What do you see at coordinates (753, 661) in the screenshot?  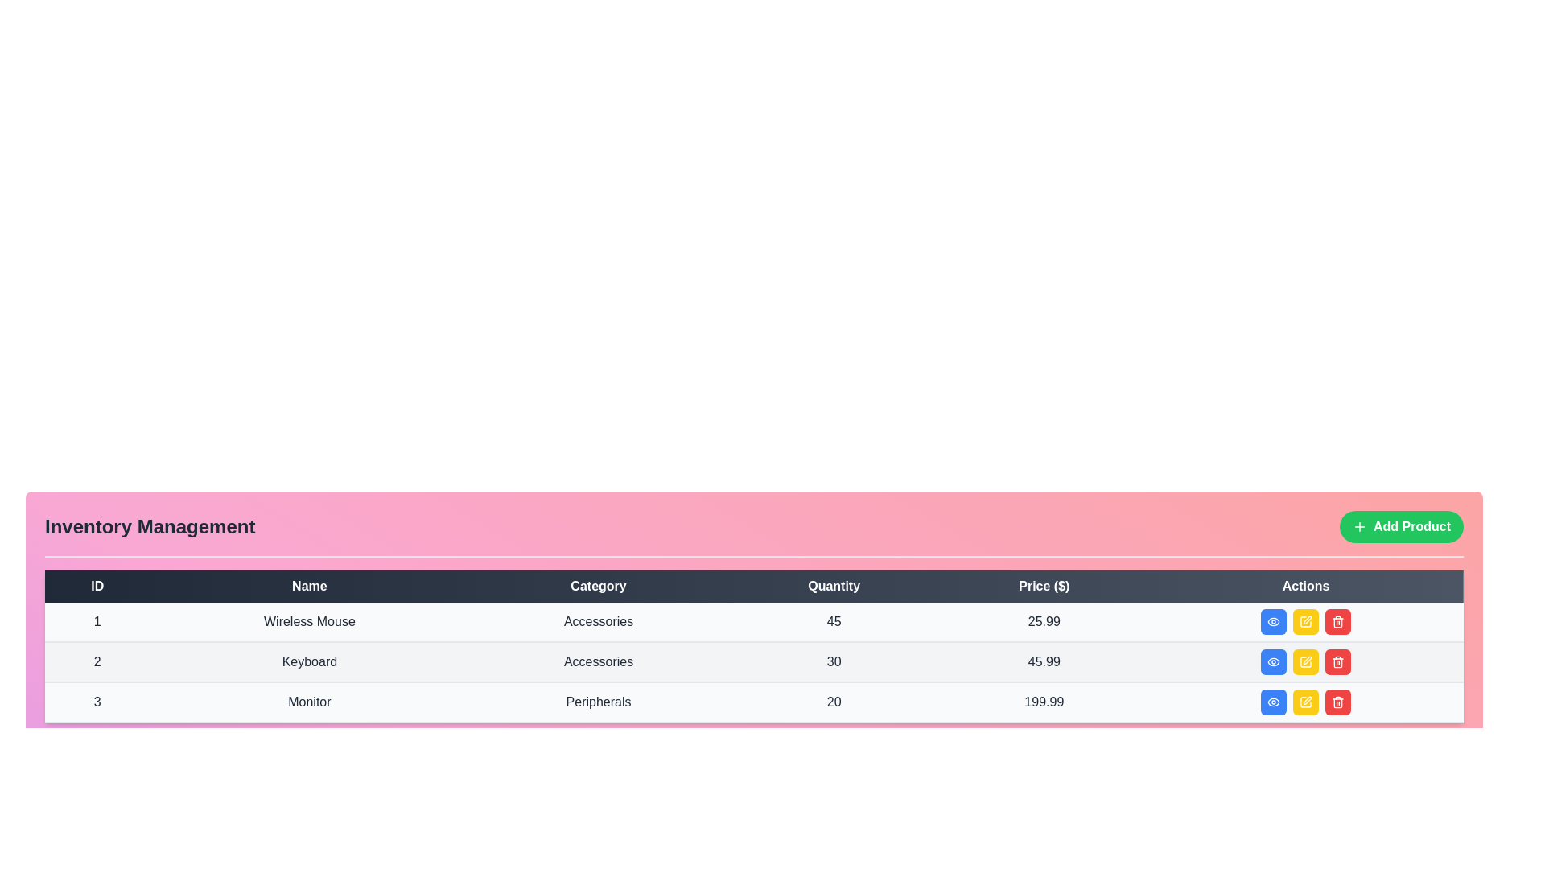 I see `the second row of the inventory management table that displays ID '2', Name 'Keyboard', Category 'Accessories', Quantity '30', and Price '45.99'` at bounding box center [753, 661].